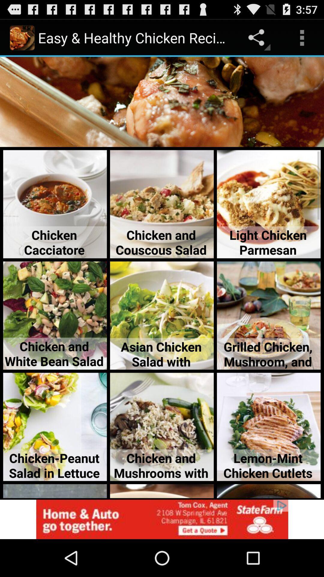 The image size is (324, 577). Describe the element at coordinates (162, 519) in the screenshot. I see `access advertising` at that location.